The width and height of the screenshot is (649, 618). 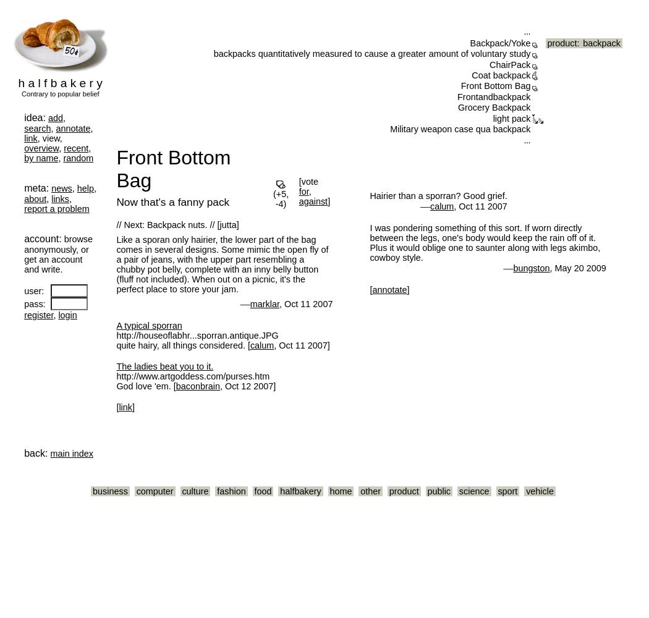 I want to click on 'report a problem', so click(x=56, y=208).